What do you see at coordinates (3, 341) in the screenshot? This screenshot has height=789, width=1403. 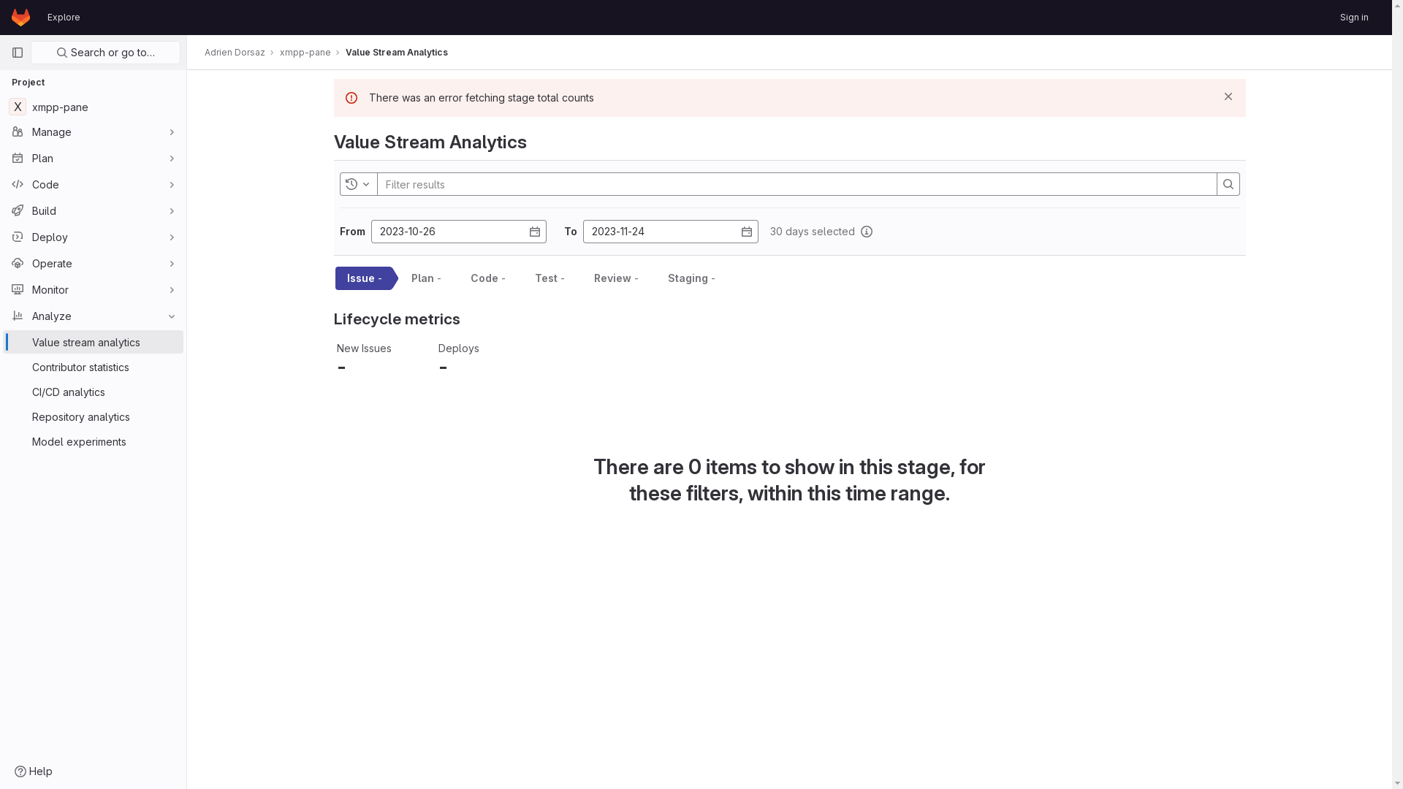 I see `'Value stream analytics'` at bounding box center [3, 341].